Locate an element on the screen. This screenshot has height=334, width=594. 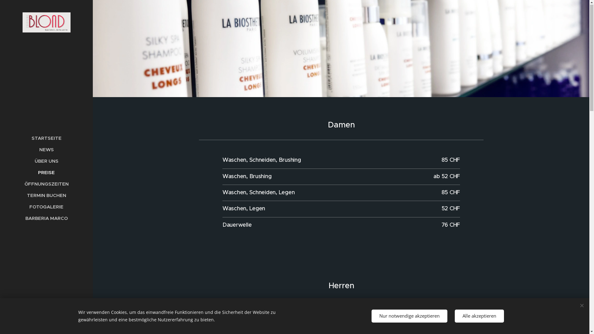
'FOTOGALERIE' is located at coordinates (46, 207).